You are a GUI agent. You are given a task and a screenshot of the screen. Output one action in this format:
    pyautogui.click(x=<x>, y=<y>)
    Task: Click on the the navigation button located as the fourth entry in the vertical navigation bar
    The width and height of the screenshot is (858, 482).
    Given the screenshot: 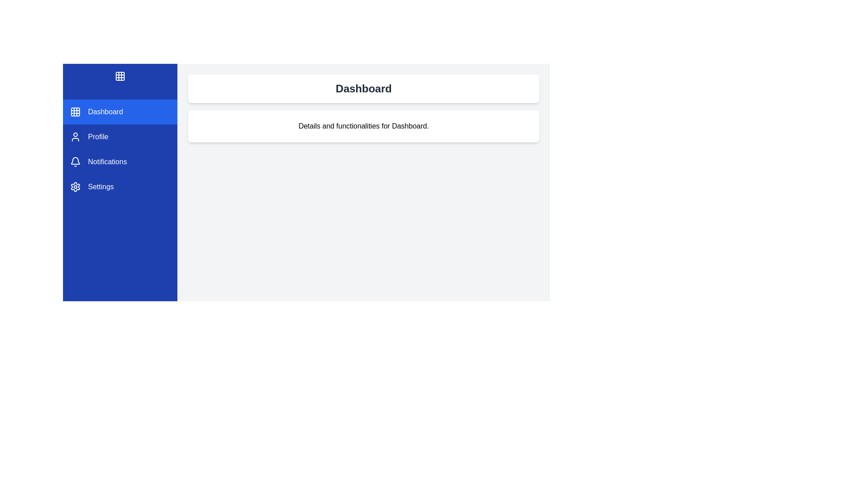 What is the action you would take?
    pyautogui.click(x=119, y=187)
    